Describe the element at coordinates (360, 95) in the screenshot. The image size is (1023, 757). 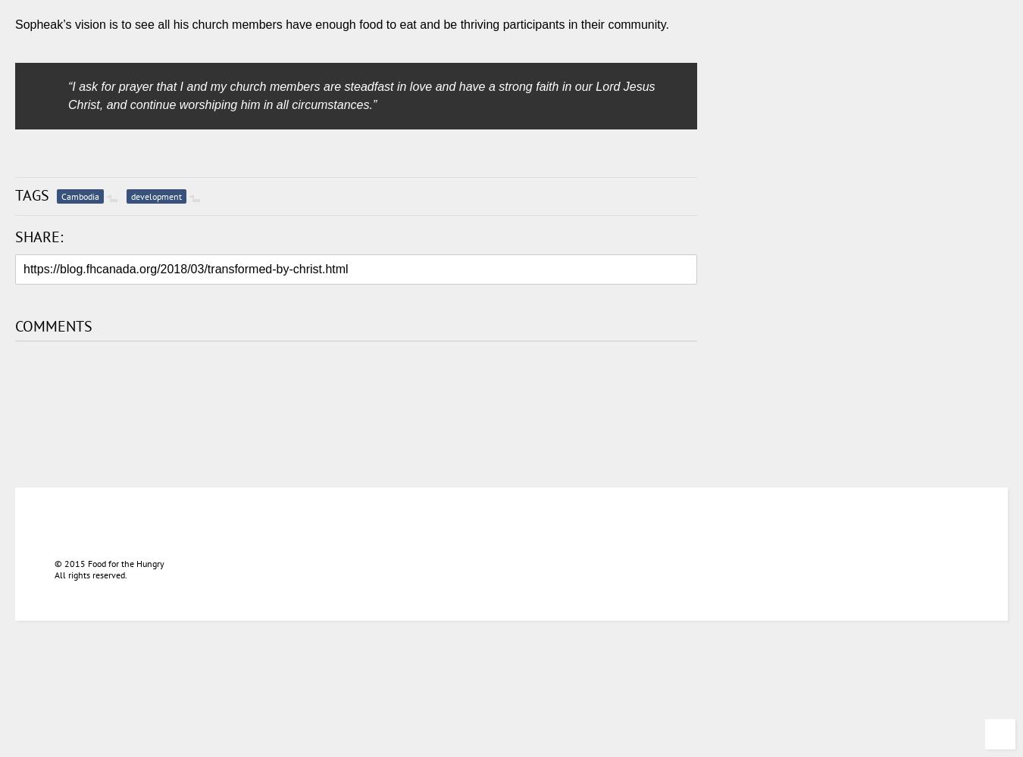
I see `'“I ask for prayer that I and my church members are steadfast in love and have a strong faith in our Lord Jesus Christ, and continue worshiping him in all circumstances.”'` at that location.